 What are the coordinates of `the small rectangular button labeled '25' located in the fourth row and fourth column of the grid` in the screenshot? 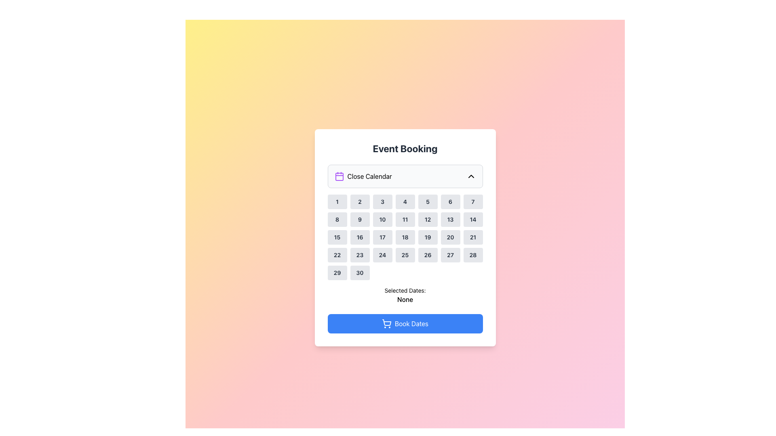 It's located at (405, 255).